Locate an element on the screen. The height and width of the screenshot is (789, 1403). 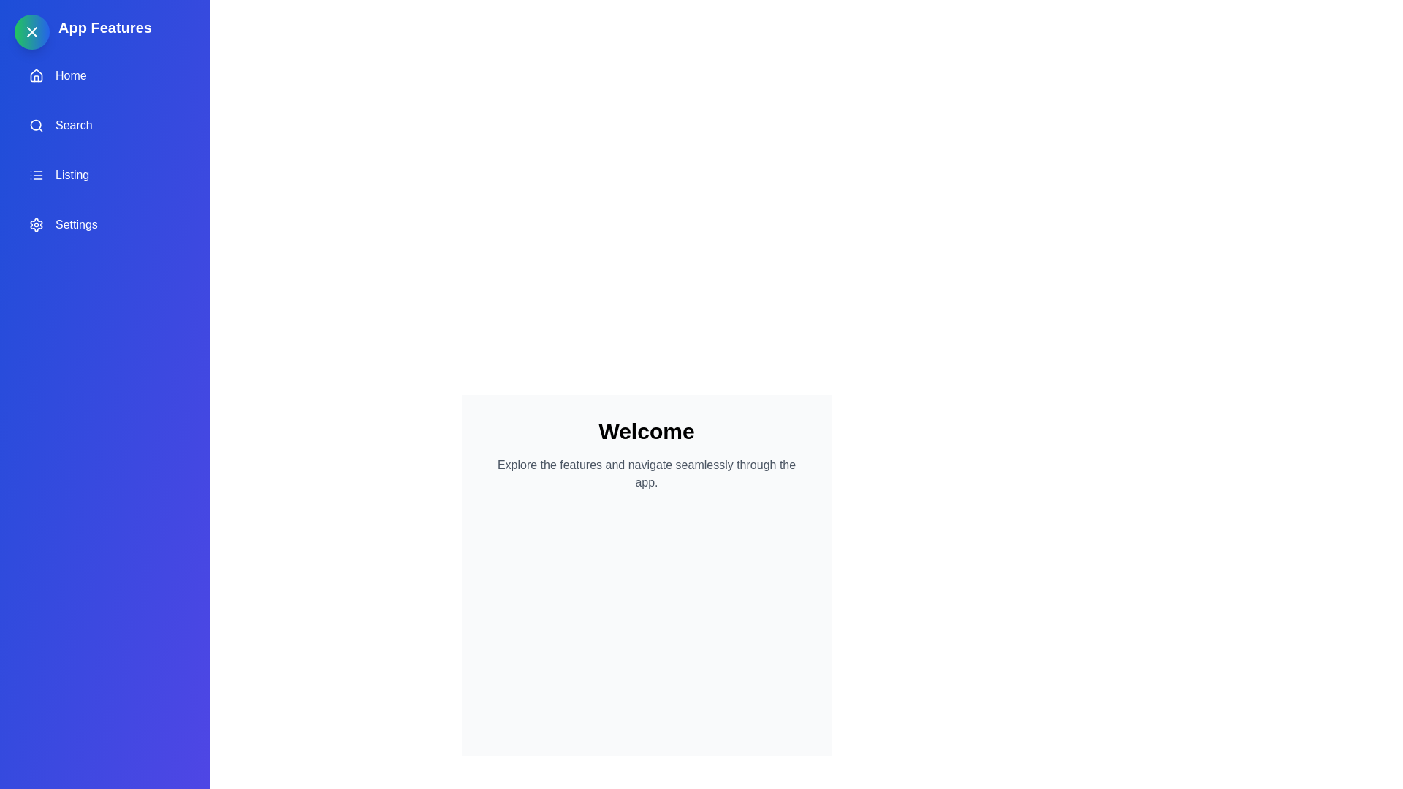
the 'Settings' option in the drawer is located at coordinates (104, 225).